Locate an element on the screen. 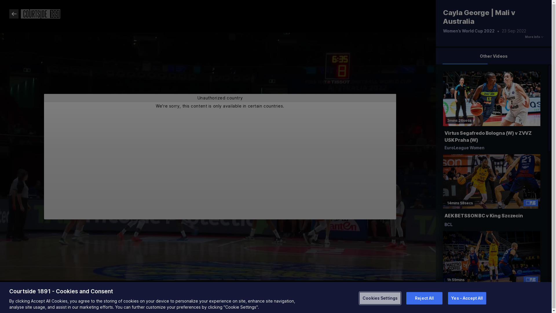 Image resolution: width=556 pixels, height=313 pixels. 'Cookies Settings' is located at coordinates (380, 298).